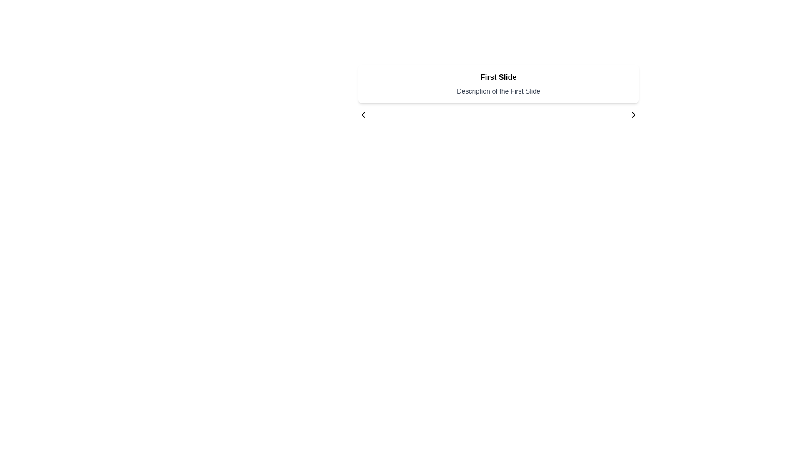  Describe the element at coordinates (363, 114) in the screenshot. I see `the chevron-like icon resembling a left-pointing arrow located in the top-left corner of the 'First Slide' card` at that location.